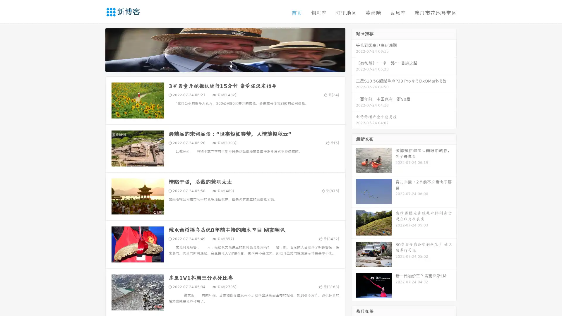  Describe the element at coordinates (231, 66) in the screenshot. I see `Go to slide 3` at that location.